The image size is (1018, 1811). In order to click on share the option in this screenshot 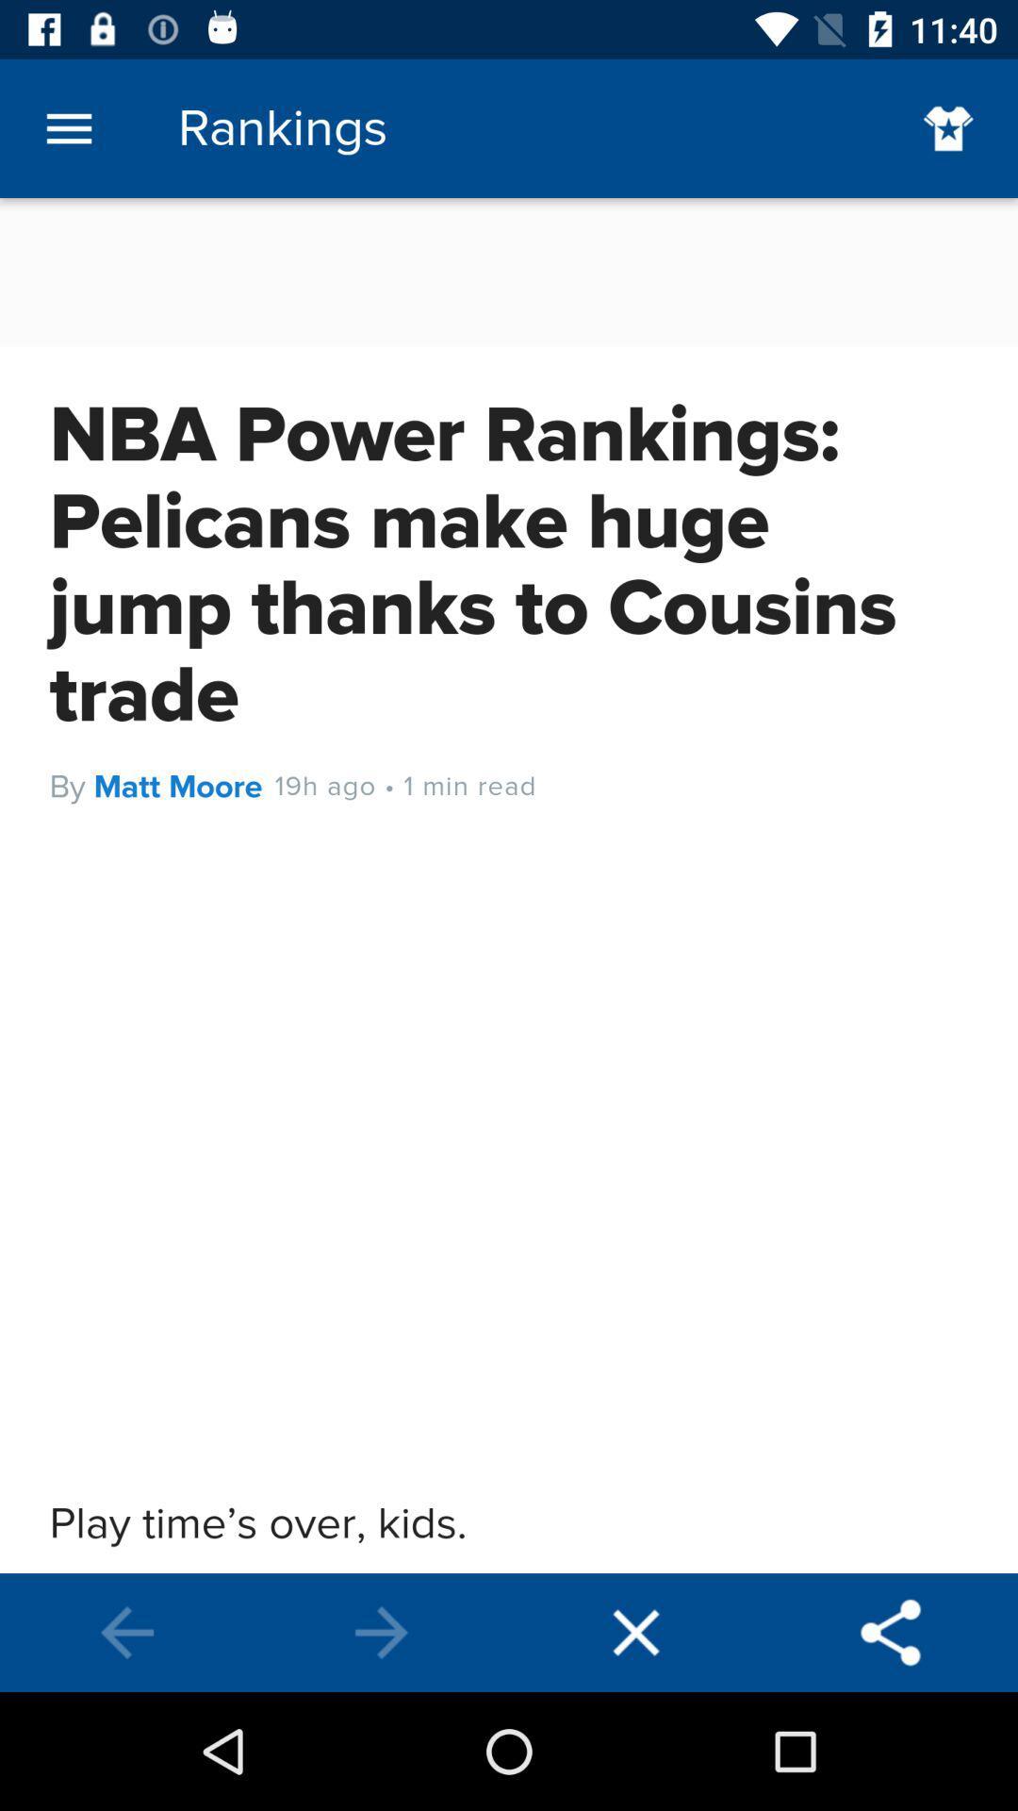, I will do `click(891, 1632)`.